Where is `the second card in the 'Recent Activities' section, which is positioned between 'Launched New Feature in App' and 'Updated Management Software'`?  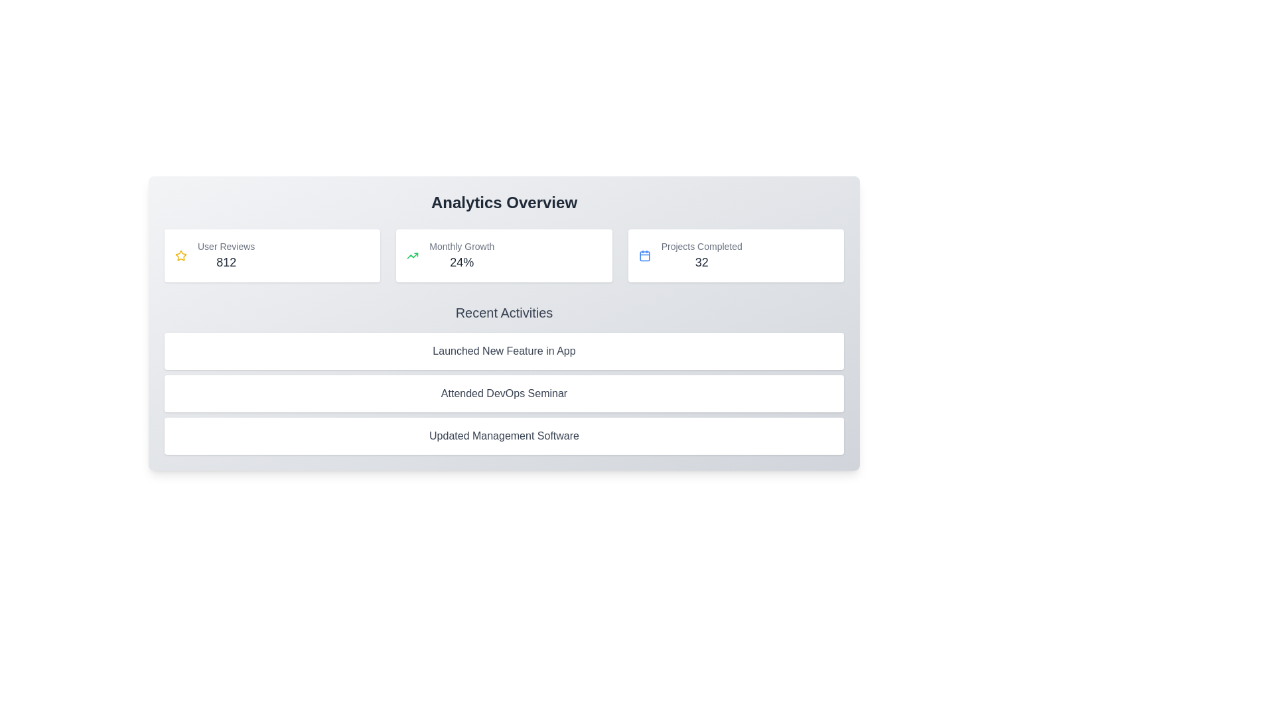 the second card in the 'Recent Activities' section, which is positioned between 'Launched New Feature in App' and 'Updated Management Software' is located at coordinates (503, 393).